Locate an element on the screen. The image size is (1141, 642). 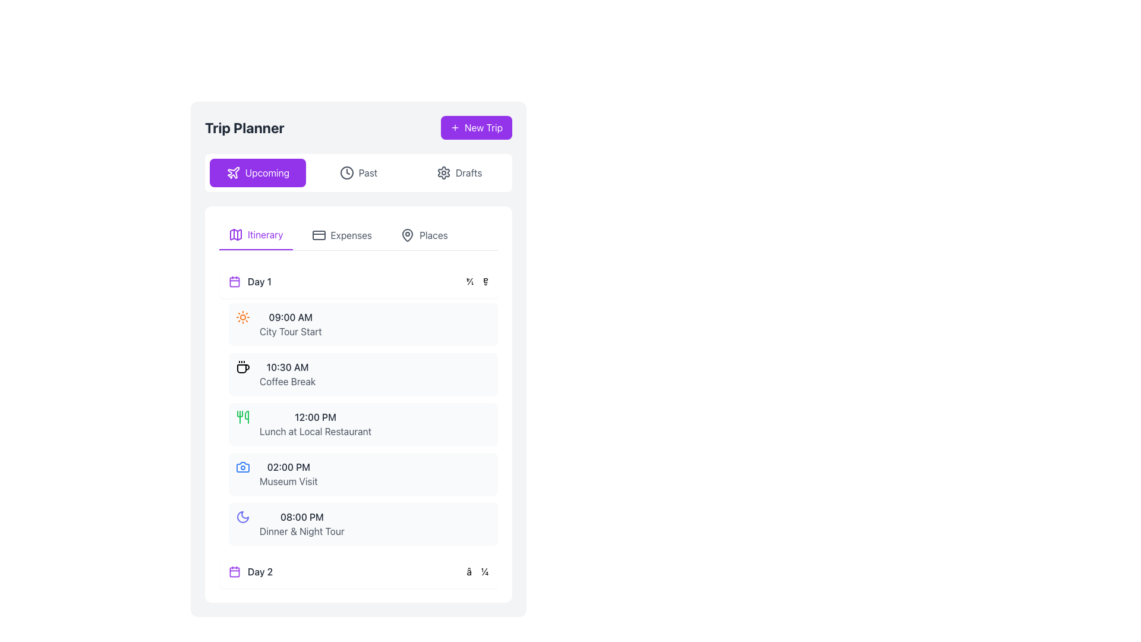
the 'New Trip' button with a bold purple background and white text to initiate creating a new trip is located at coordinates (476, 128).